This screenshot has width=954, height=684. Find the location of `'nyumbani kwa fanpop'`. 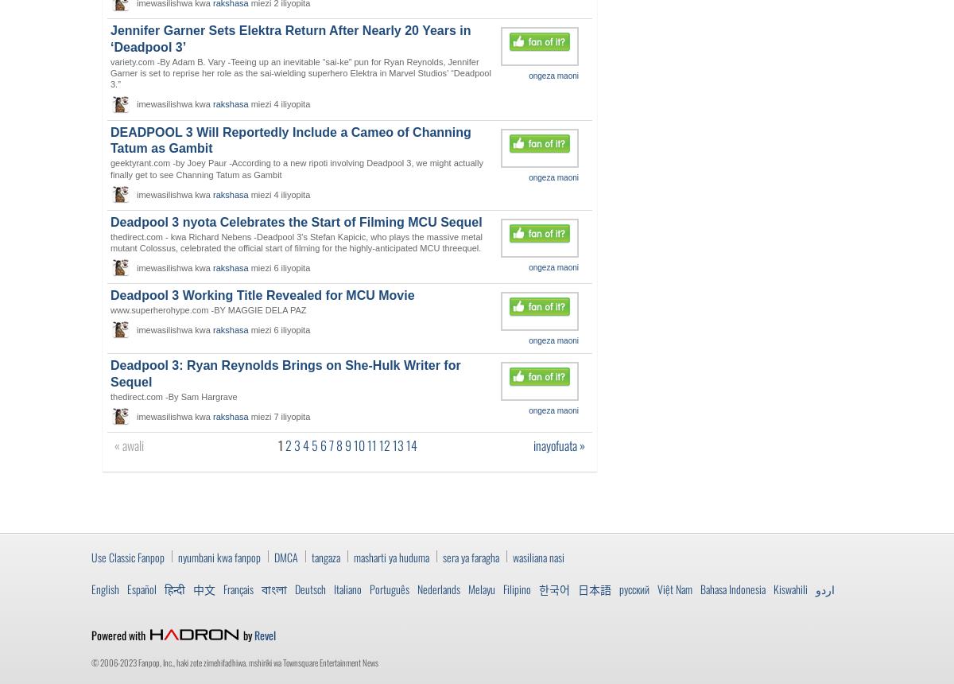

'nyumbani kwa fanpop' is located at coordinates (219, 556).